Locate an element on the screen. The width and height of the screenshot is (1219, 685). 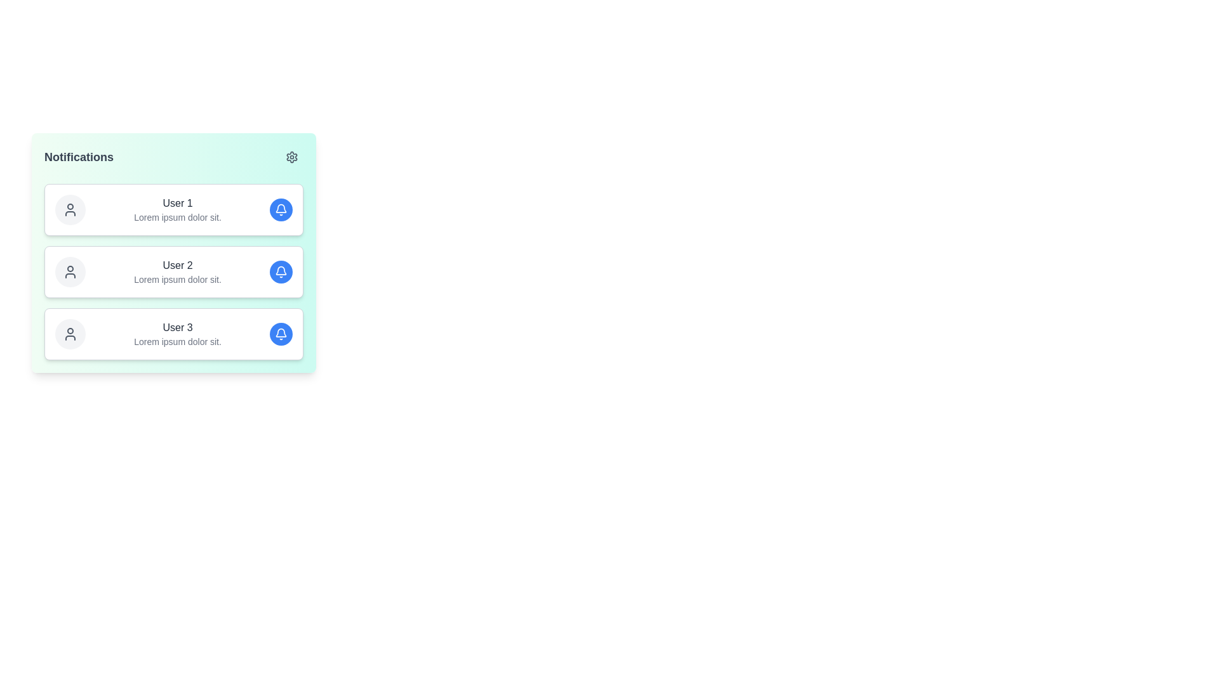
the user icon located at the top-left corner of the second notification card in the notification box for further interactions if supported is located at coordinates (69, 271).